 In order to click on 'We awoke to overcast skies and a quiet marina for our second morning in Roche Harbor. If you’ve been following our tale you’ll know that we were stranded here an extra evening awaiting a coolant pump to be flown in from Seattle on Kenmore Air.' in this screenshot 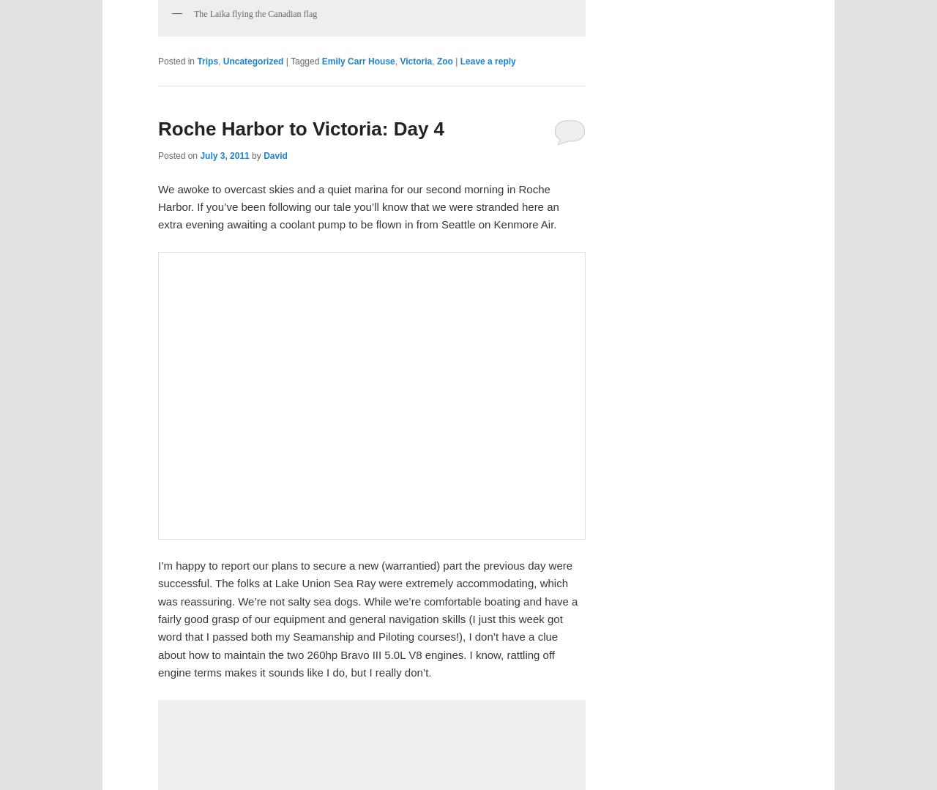, I will do `click(158, 206)`.